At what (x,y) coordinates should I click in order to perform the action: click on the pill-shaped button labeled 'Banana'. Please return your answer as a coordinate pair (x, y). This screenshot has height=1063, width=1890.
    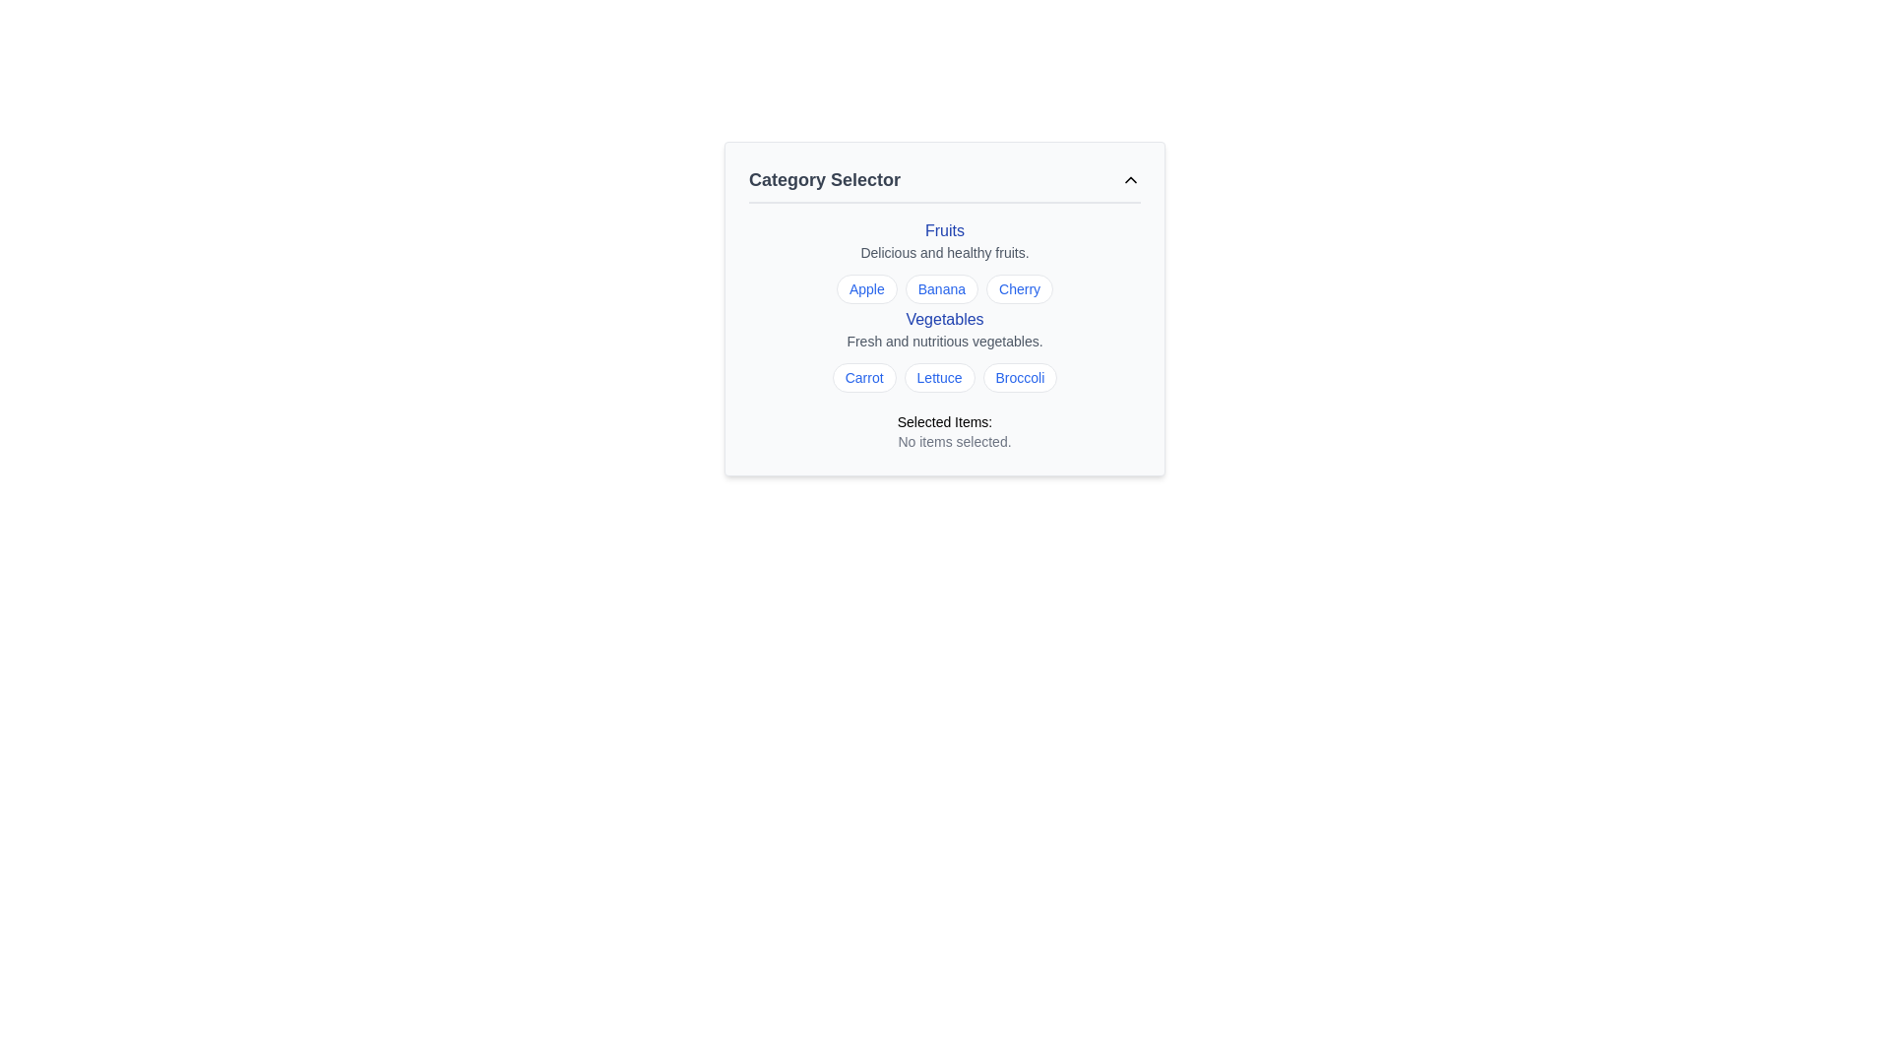
    Looking at the image, I should click on (940, 288).